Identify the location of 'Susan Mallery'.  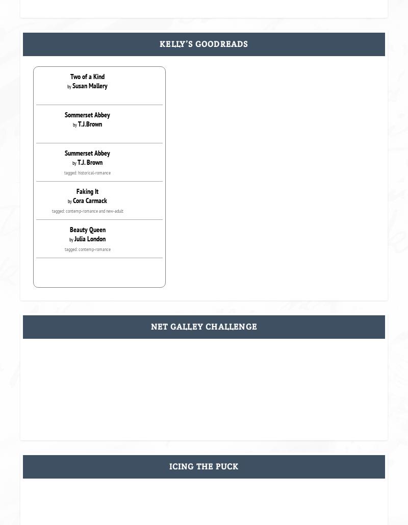
(89, 86).